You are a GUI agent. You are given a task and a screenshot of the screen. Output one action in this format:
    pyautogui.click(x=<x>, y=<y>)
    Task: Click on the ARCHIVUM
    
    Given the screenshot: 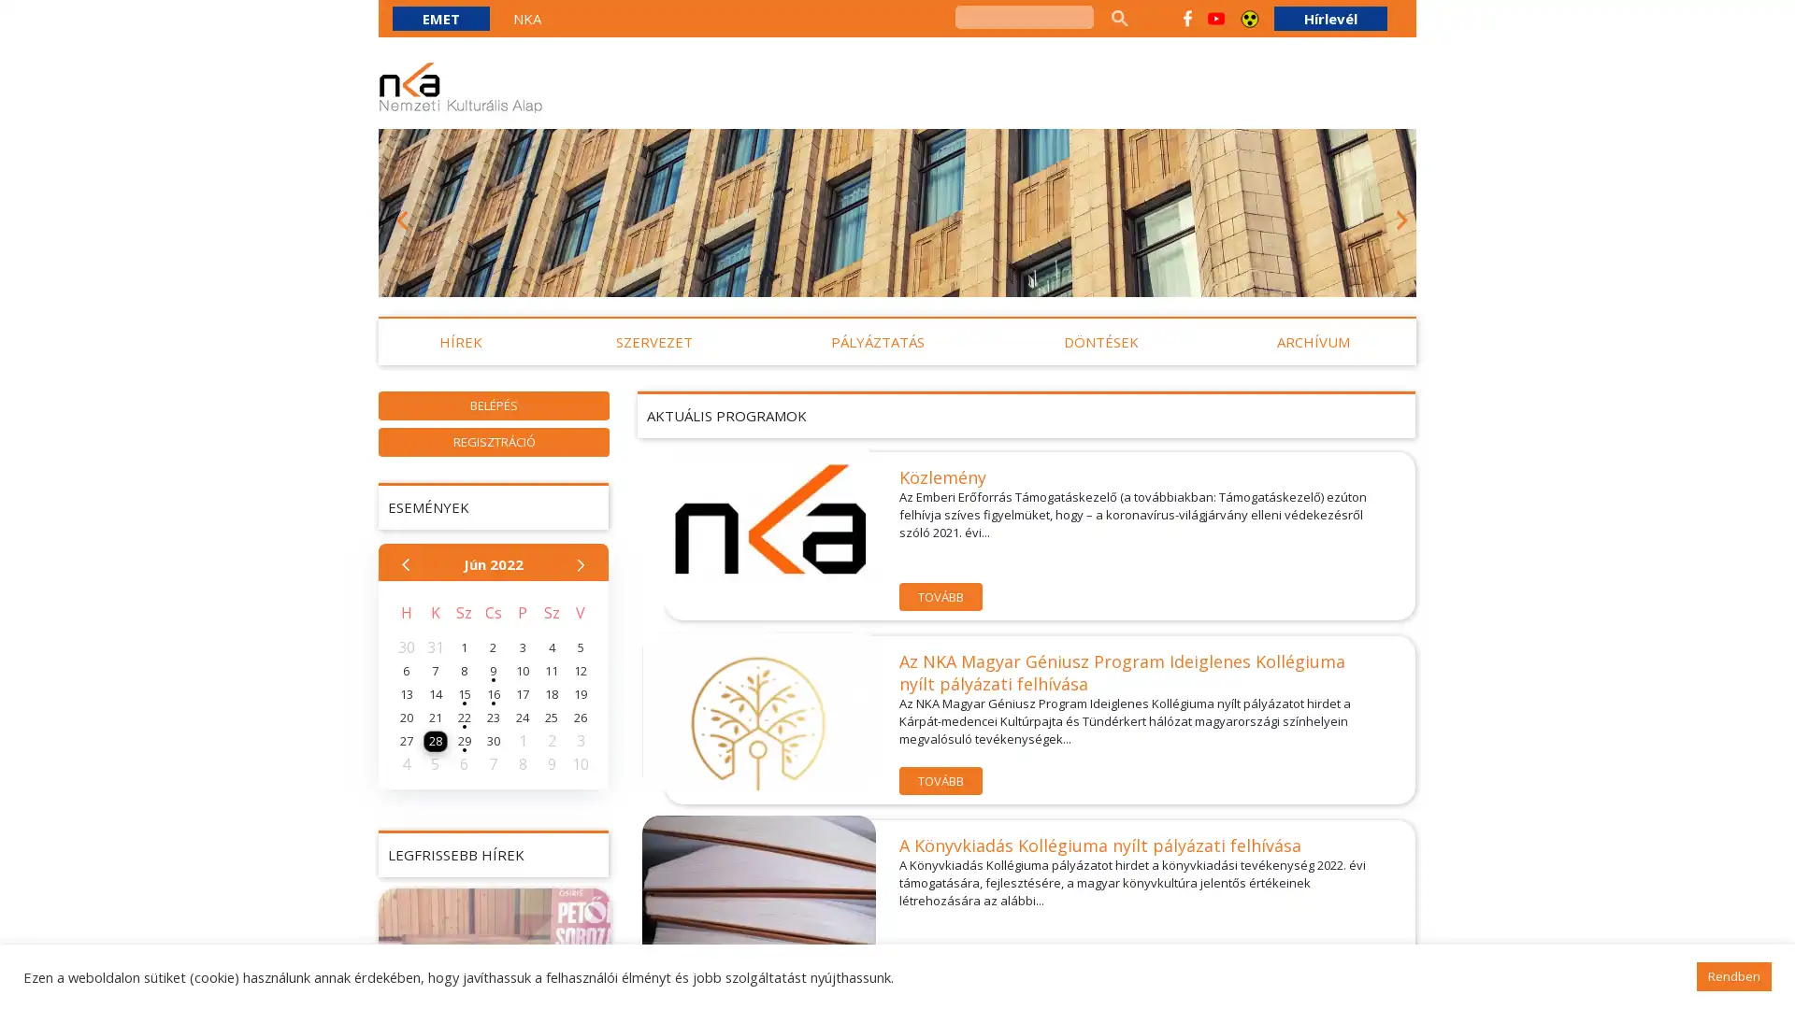 What is the action you would take?
    pyautogui.click(x=1313, y=342)
    